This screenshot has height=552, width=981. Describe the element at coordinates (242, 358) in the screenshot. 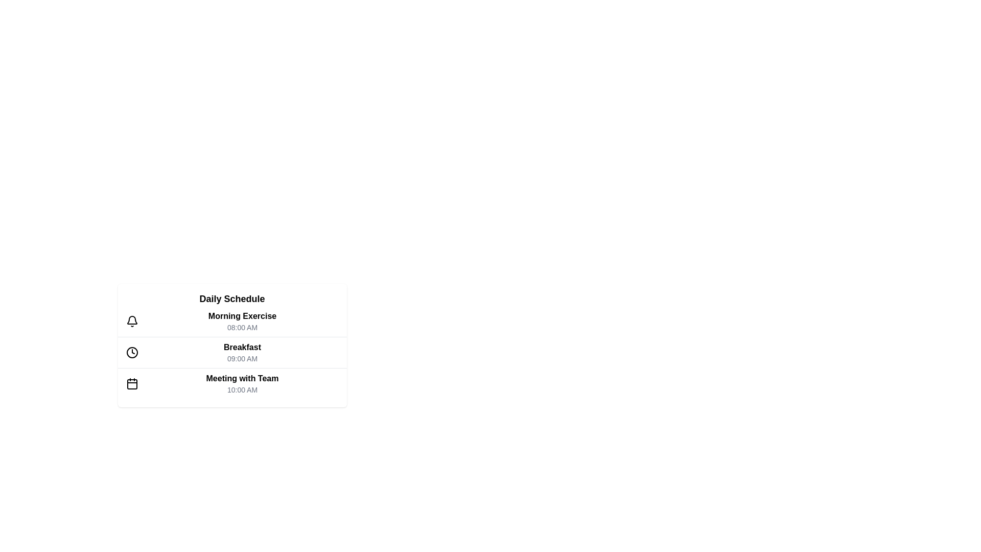

I see `the text element that conveys the time associated with the 'Breakfast' event, located under the 'Breakfast' label in the schedule interface` at that location.